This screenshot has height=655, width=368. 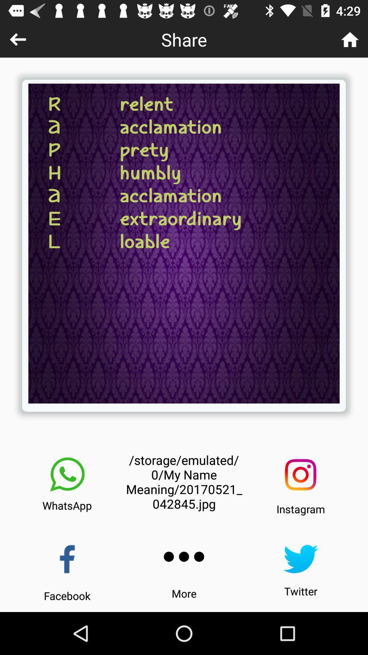 What do you see at coordinates (350, 39) in the screenshot?
I see `the icon to the right of share` at bounding box center [350, 39].